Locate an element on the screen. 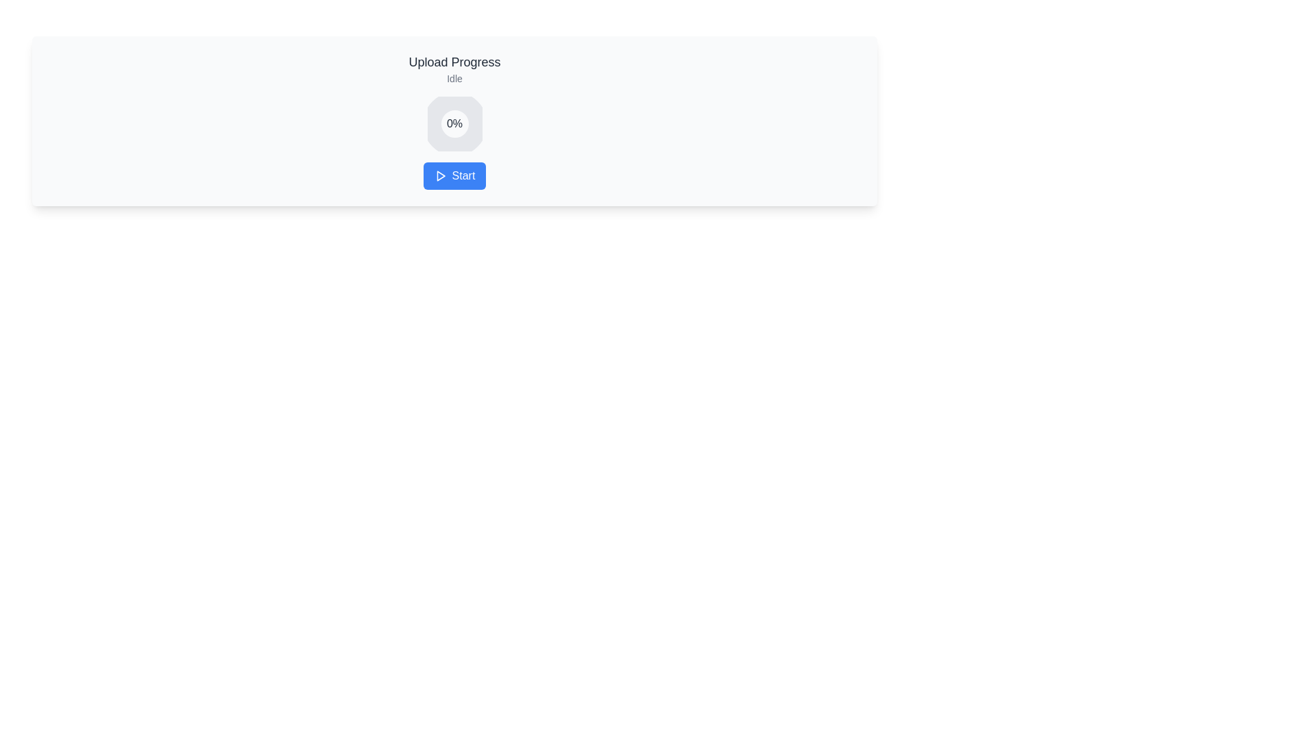  text content of the status indicator located below the 'Upload Progress' heading in the upper-center region of the interface is located at coordinates (454, 79).